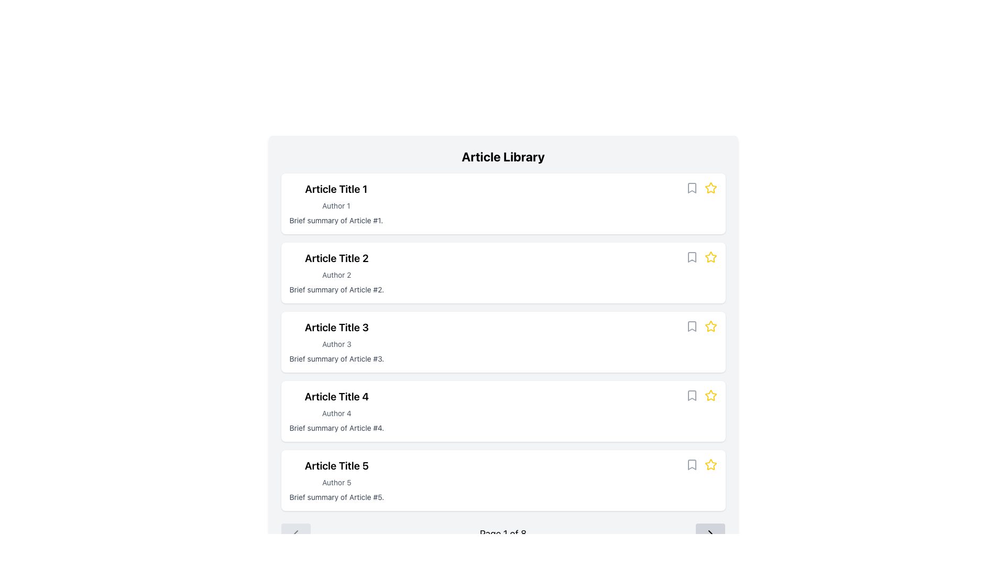 The height and width of the screenshot is (566, 1006). Describe the element at coordinates (710, 257) in the screenshot. I see `the favorite/bookmark icon located in the top-right corner of the card for 'Article Title 2'` at that location.